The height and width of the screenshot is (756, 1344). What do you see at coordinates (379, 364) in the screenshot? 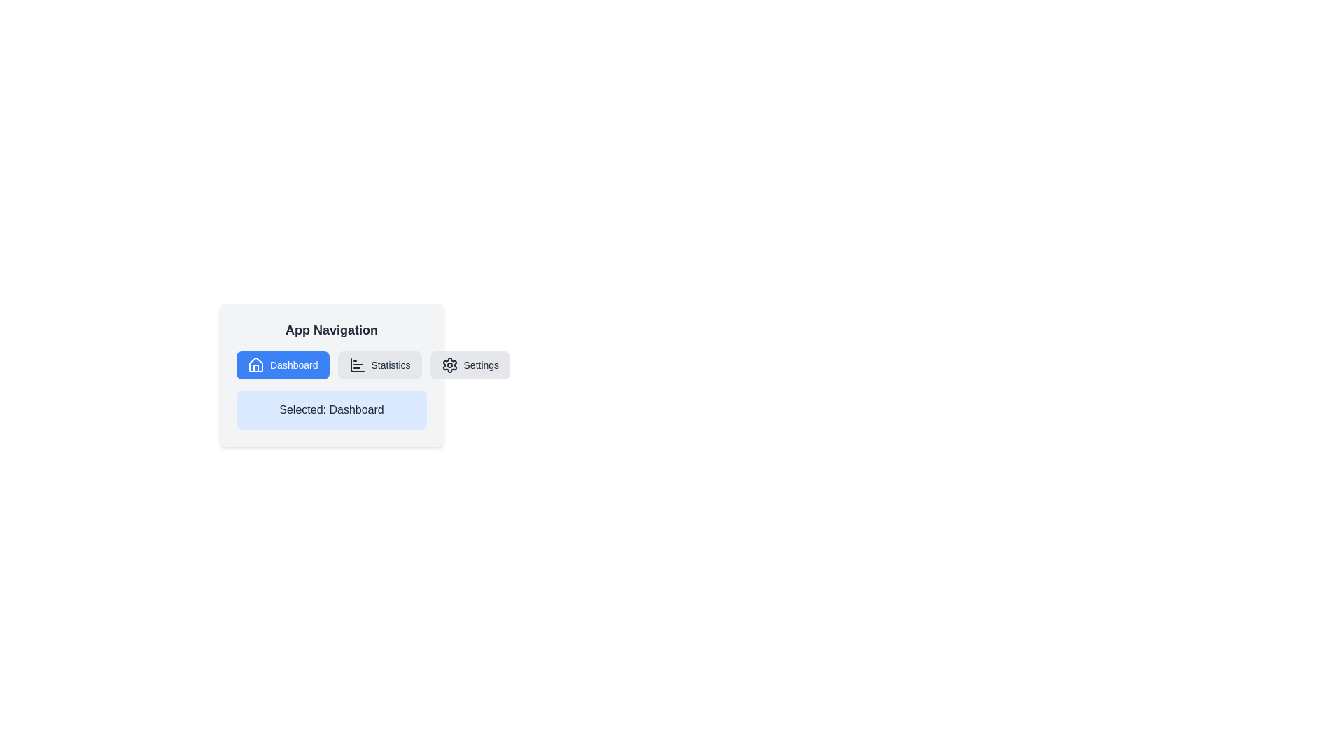
I see `the 'Statistics' button, which is the second button in the navigation row` at bounding box center [379, 364].